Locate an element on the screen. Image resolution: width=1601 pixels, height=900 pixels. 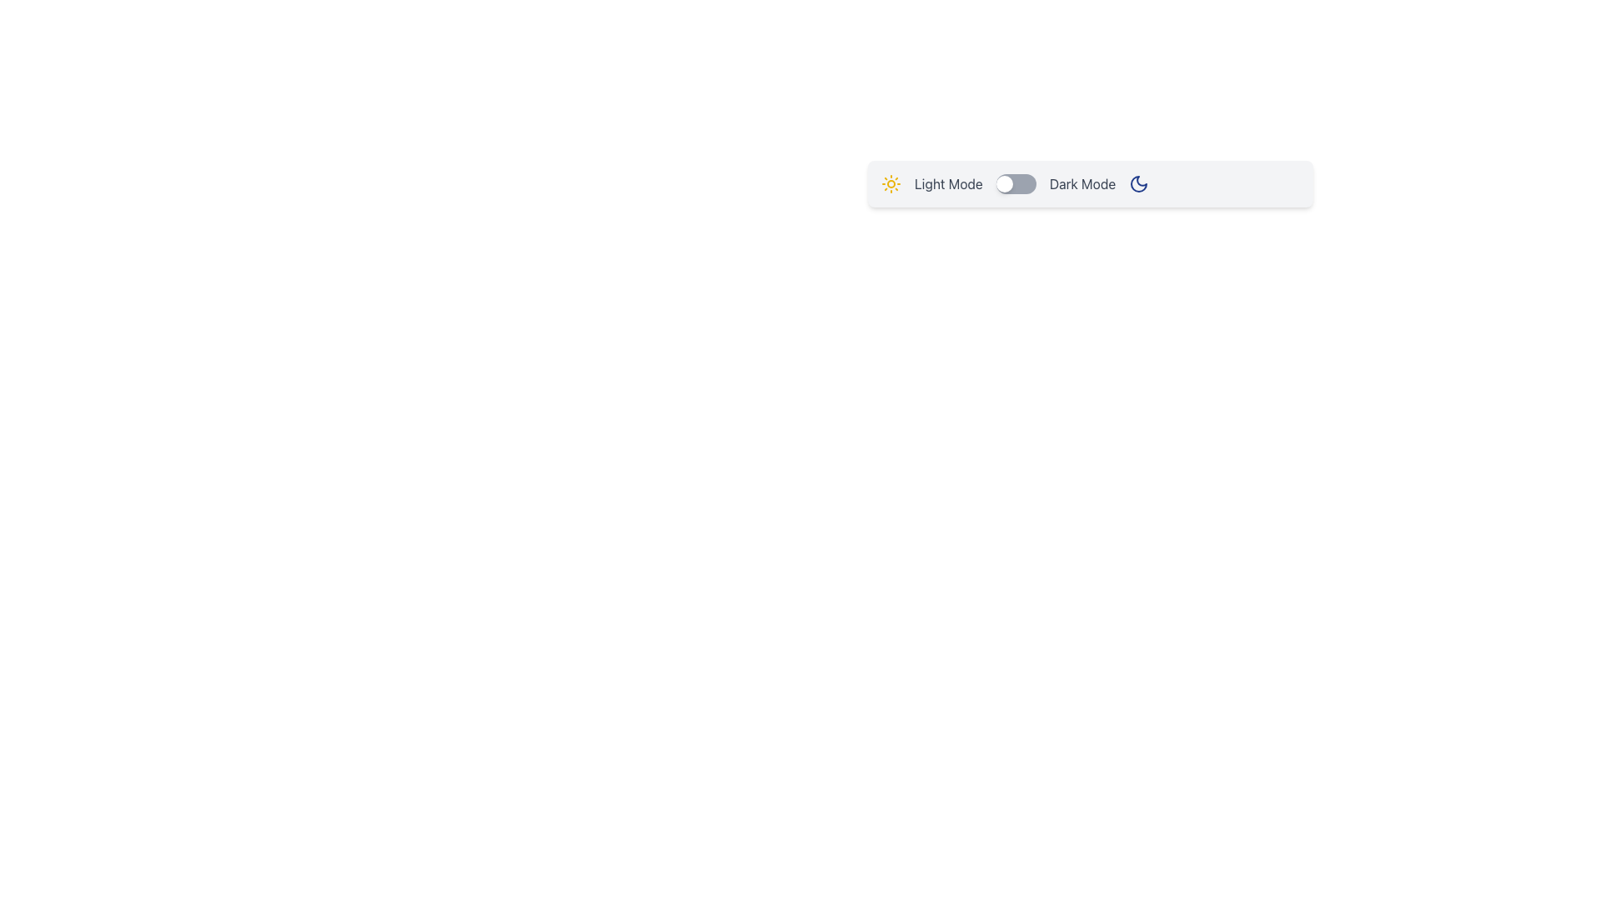
the toggle switch in the themed Toggle group to switch between Light Mode and Dark Mode is located at coordinates (1091, 183).